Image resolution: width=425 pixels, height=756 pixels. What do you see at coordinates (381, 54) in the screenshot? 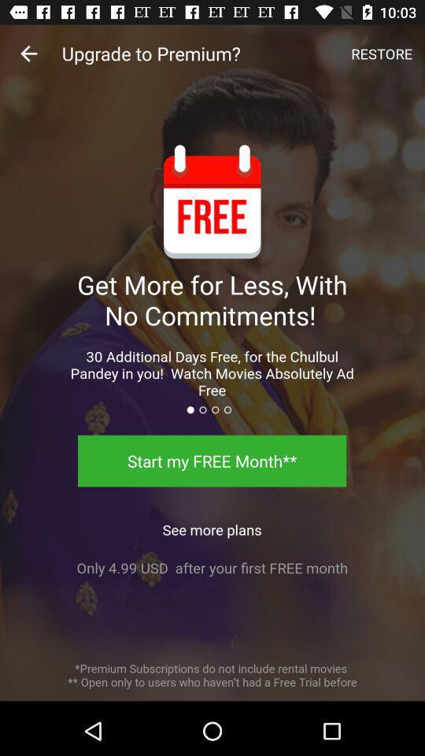
I see `icon above the get more for icon` at bounding box center [381, 54].